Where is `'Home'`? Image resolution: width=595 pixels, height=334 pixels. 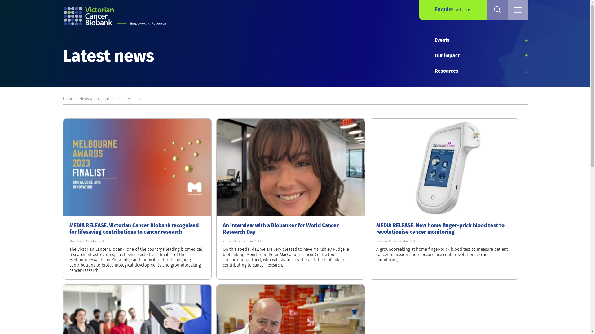
'Home' is located at coordinates (68, 98).